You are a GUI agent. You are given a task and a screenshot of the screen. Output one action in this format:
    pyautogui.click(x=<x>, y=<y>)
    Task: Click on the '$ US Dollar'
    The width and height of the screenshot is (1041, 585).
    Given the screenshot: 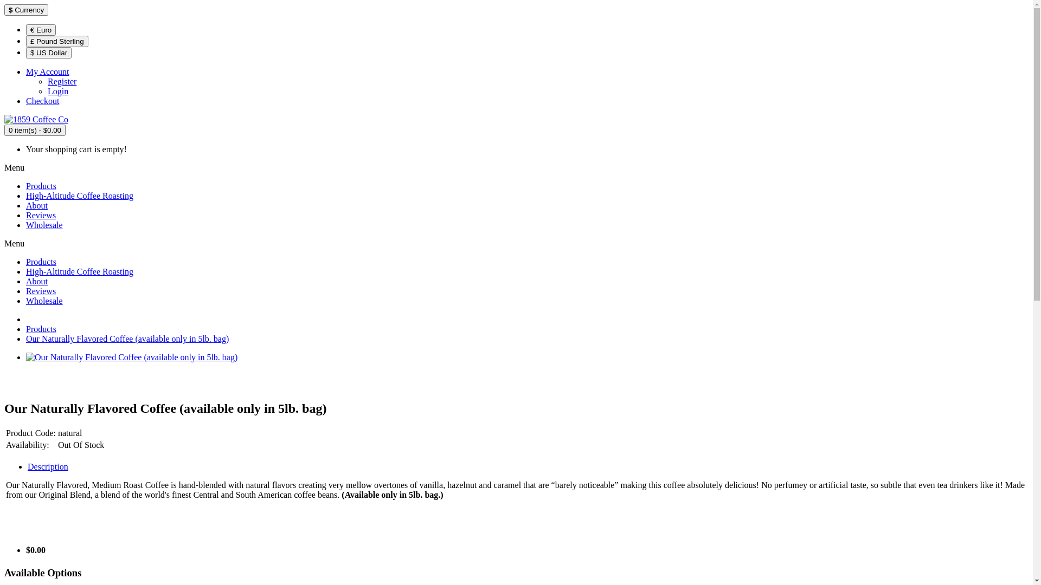 What is the action you would take?
    pyautogui.click(x=48, y=53)
    